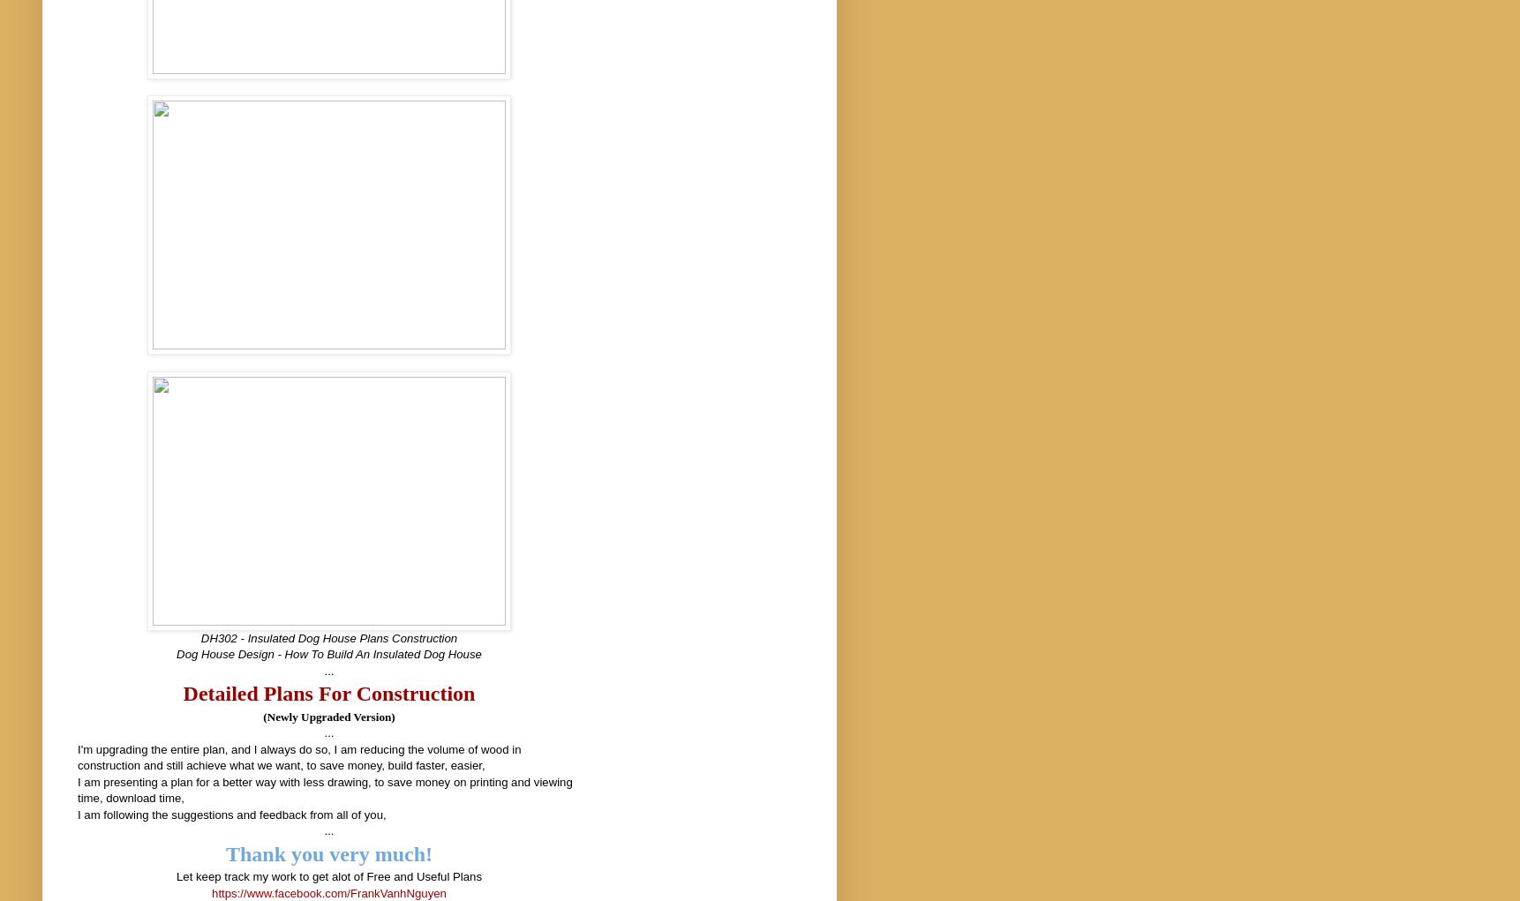 This screenshot has height=901, width=1520. What do you see at coordinates (298, 757) in the screenshot?
I see `'I'm upgrading the entire plan, and I always do so, I am reducing the volume of wood in construction and still achieve what we want, to save money, build faster, easier,'` at bounding box center [298, 757].